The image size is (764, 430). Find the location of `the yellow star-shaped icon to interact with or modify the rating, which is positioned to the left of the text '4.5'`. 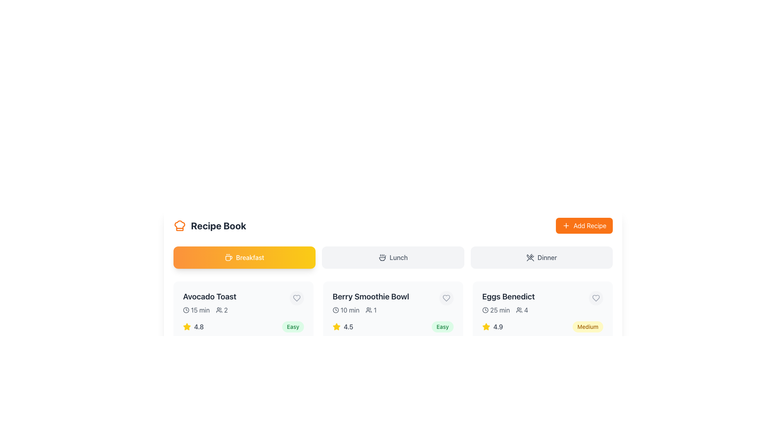

the yellow star-shaped icon to interact with or modify the rating, which is positioned to the left of the text '4.5' is located at coordinates (336, 327).